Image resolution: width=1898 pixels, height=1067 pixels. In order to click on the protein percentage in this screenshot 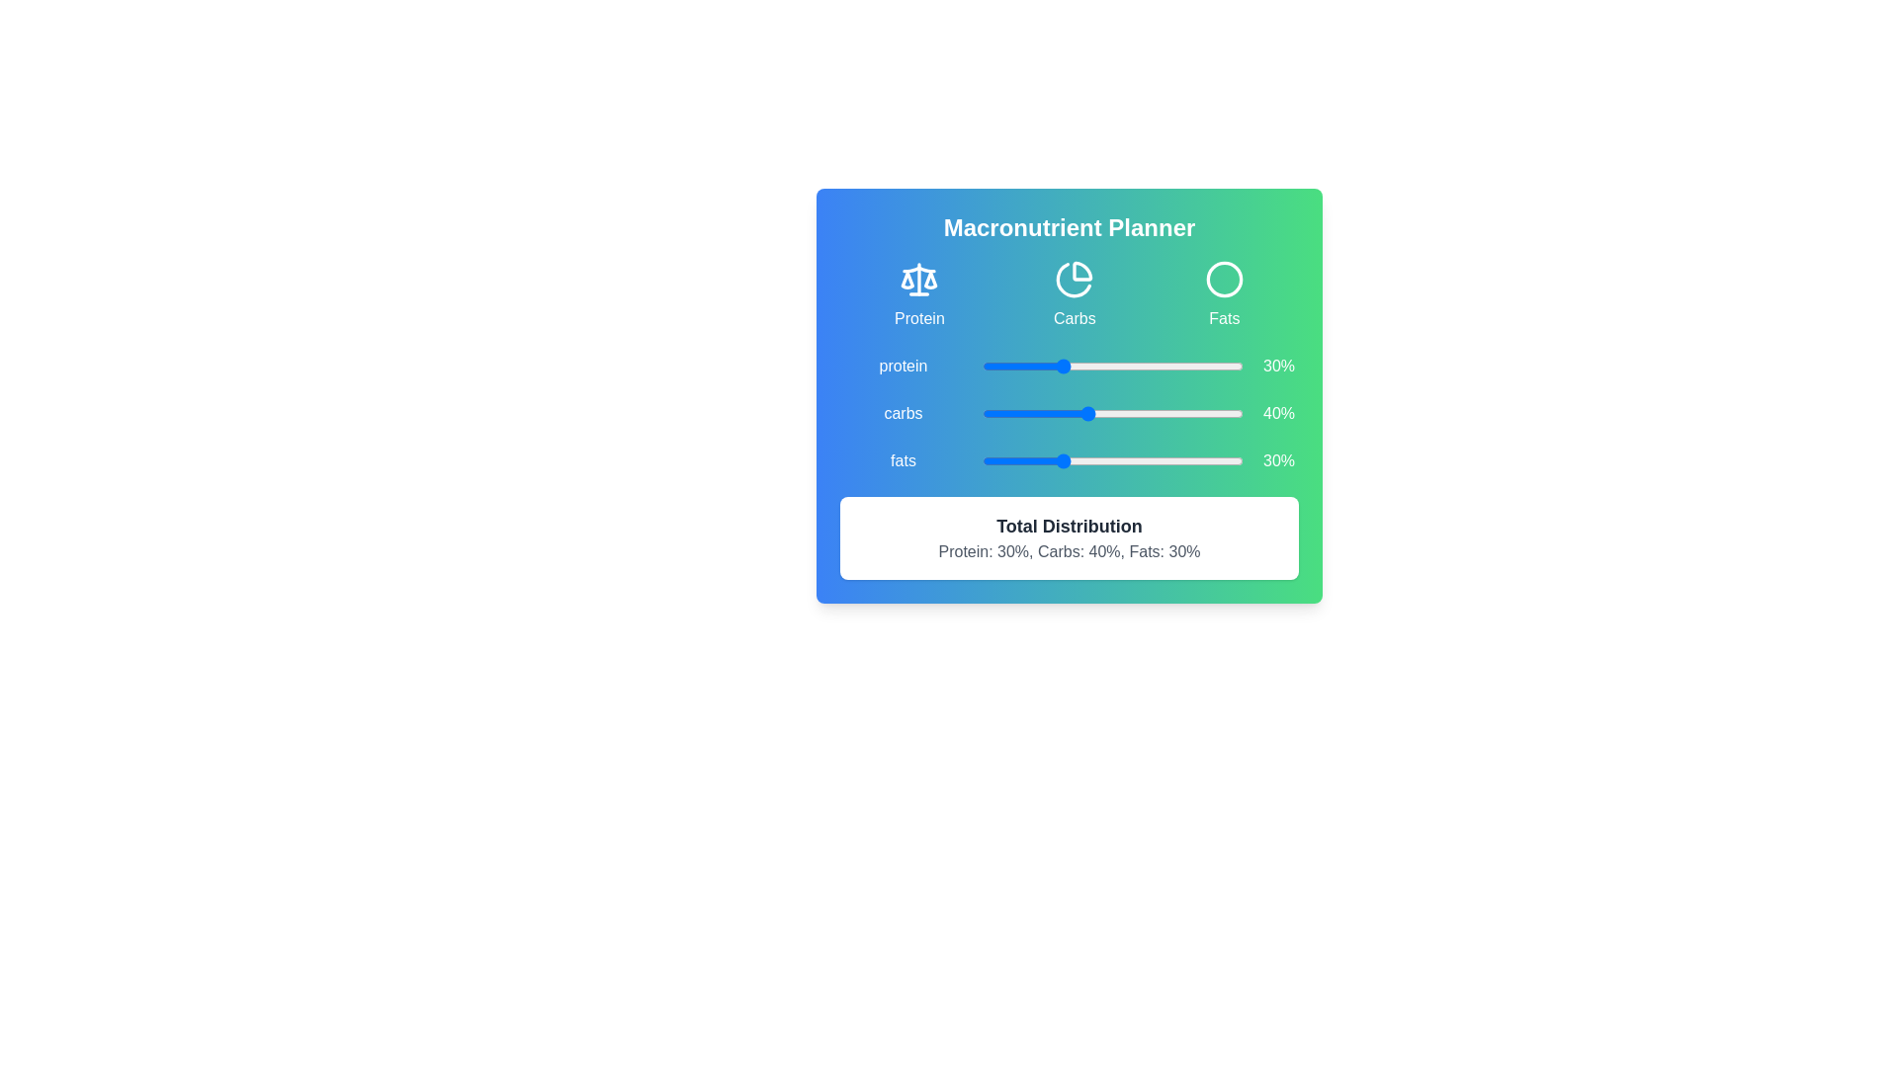, I will do `click(1047, 366)`.